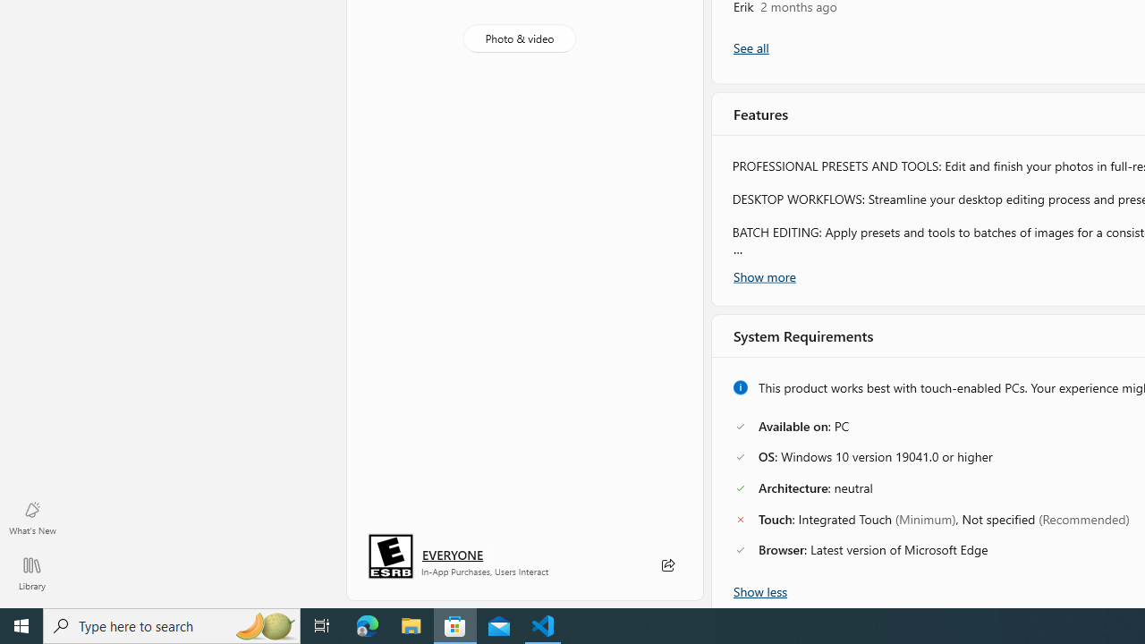 This screenshot has height=644, width=1145. Describe the element at coordinates (751, 47) in the screenshot. I see `'Show all ratings and reviews'` at that location.